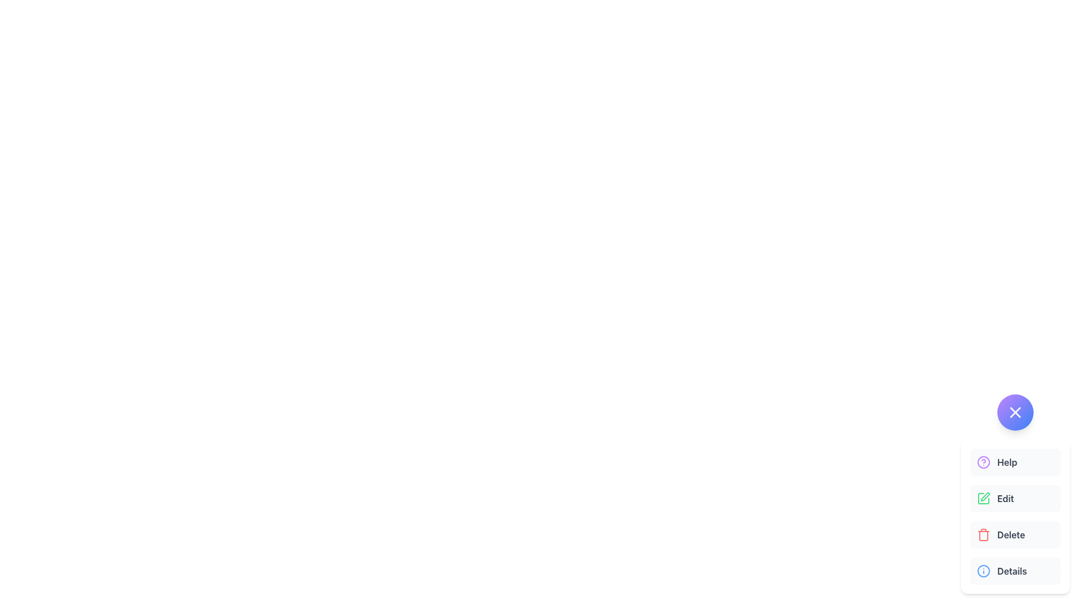 Image resolution: width=1088 pixels, height=612 pixels. Describe the element at coordinates (983, 535) in the screenshot. I see `the red trash icon located to the left of the 'Delete' text` at that location.